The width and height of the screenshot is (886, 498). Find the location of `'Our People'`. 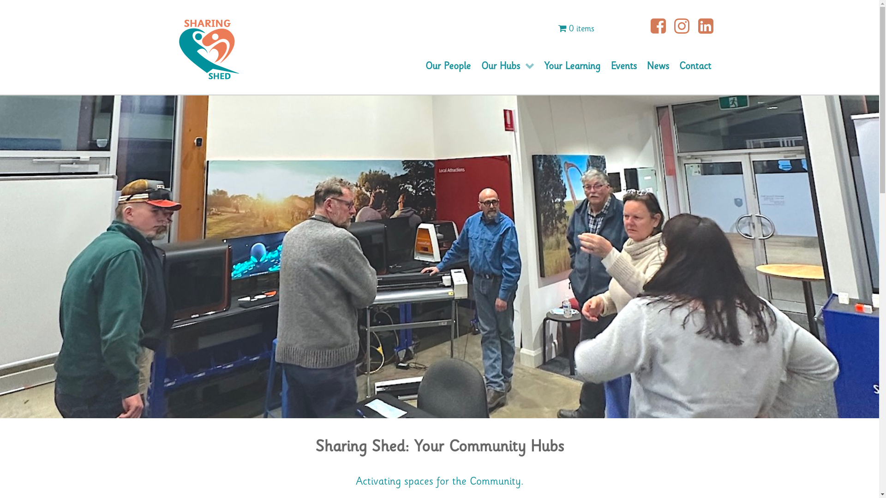

'Our People' is located at coordinates (420, 65).